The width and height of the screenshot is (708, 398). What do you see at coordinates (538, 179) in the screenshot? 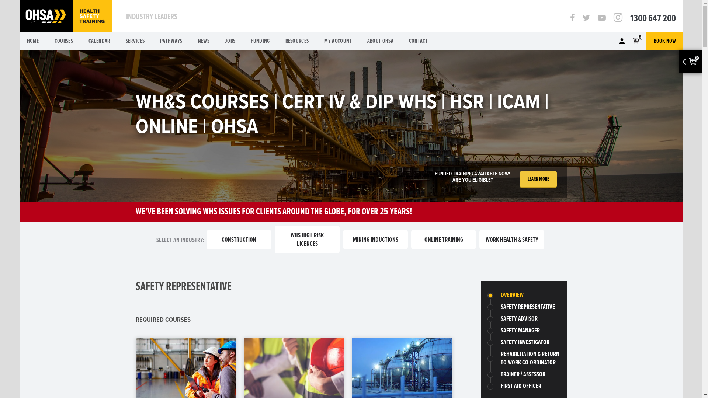
I see `'LEARN MORE'` at bounding box center [538, 179].